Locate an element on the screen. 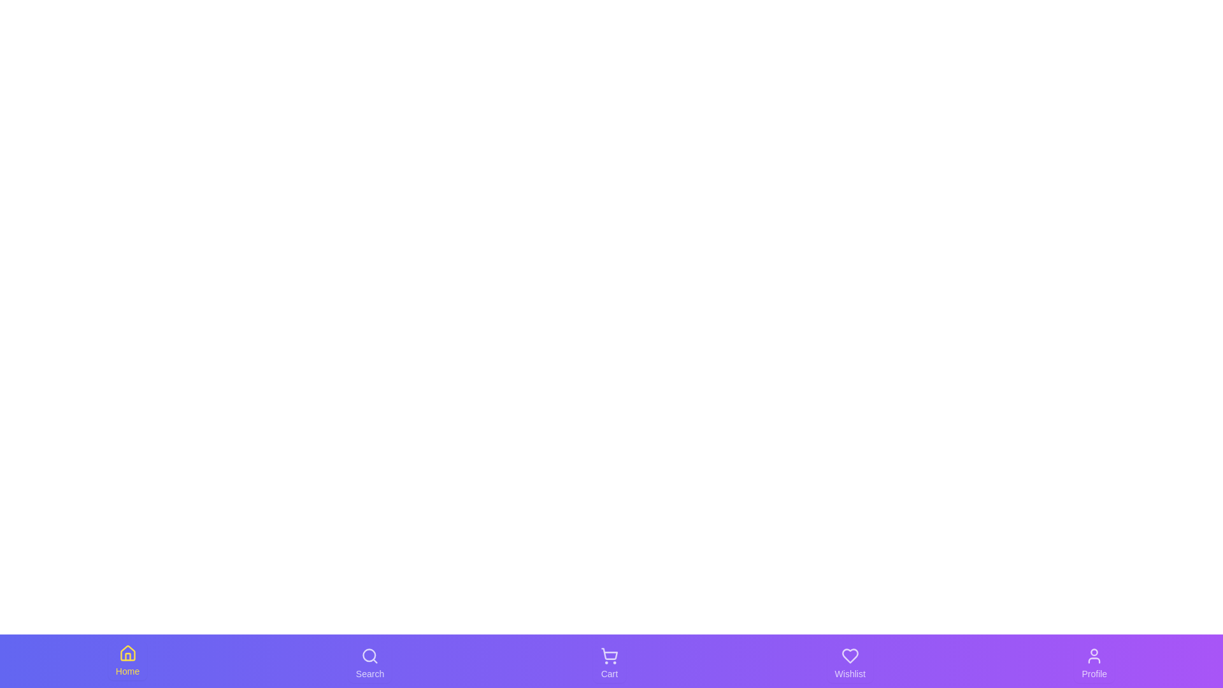 The image size is (1223, 688). the tab corresponding to Profile to switch to that section is located at coordinates (1094, 663).